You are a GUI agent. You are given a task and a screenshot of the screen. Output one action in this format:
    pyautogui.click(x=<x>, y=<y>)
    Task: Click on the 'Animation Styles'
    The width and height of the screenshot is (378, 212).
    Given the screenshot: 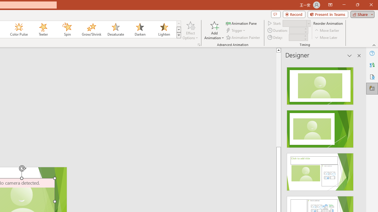 What is the action you would take?
    pyautogui.click(x=178, y=35)
    